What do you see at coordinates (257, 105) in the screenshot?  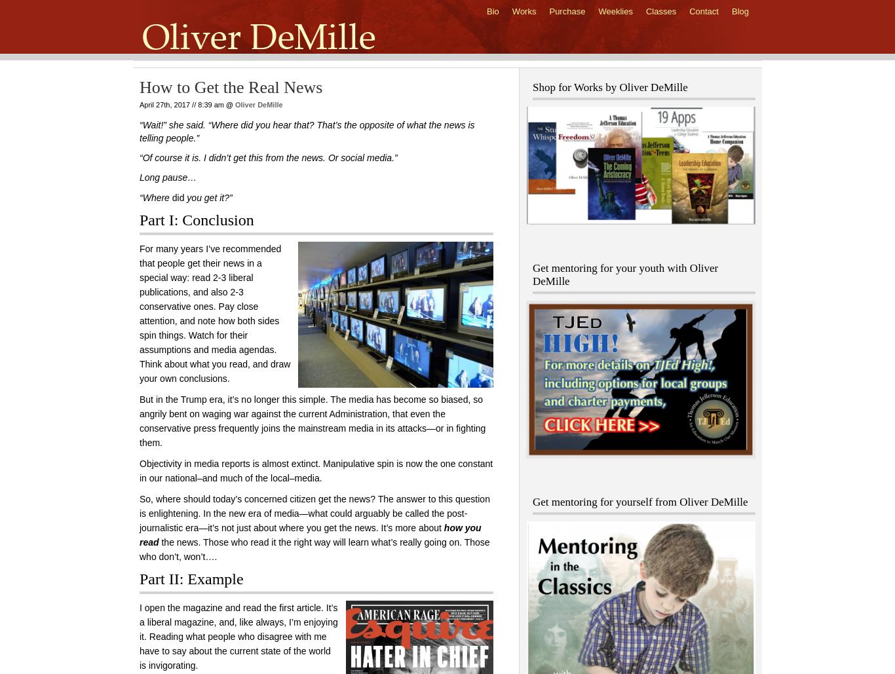 I see `'Oliver DeMille'` at bounding box center [257, 105].